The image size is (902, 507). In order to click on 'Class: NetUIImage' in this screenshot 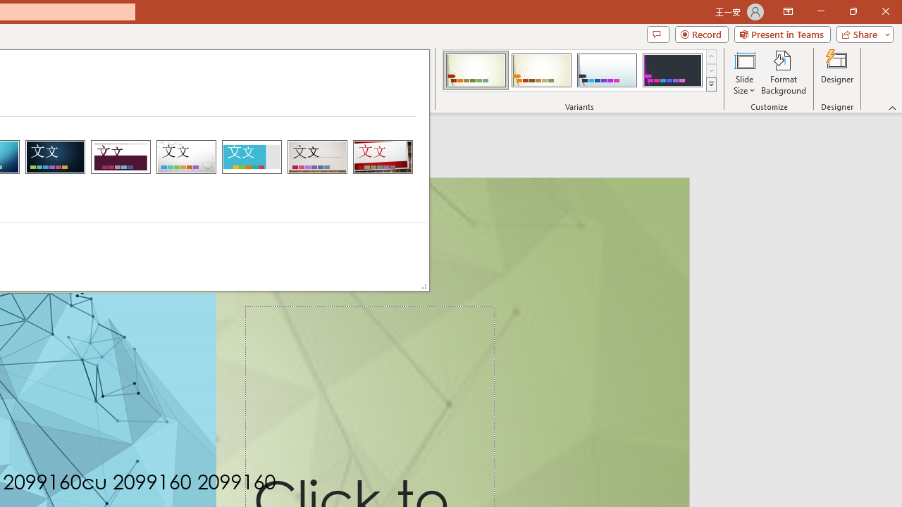, I will do `click(711, 84)`.